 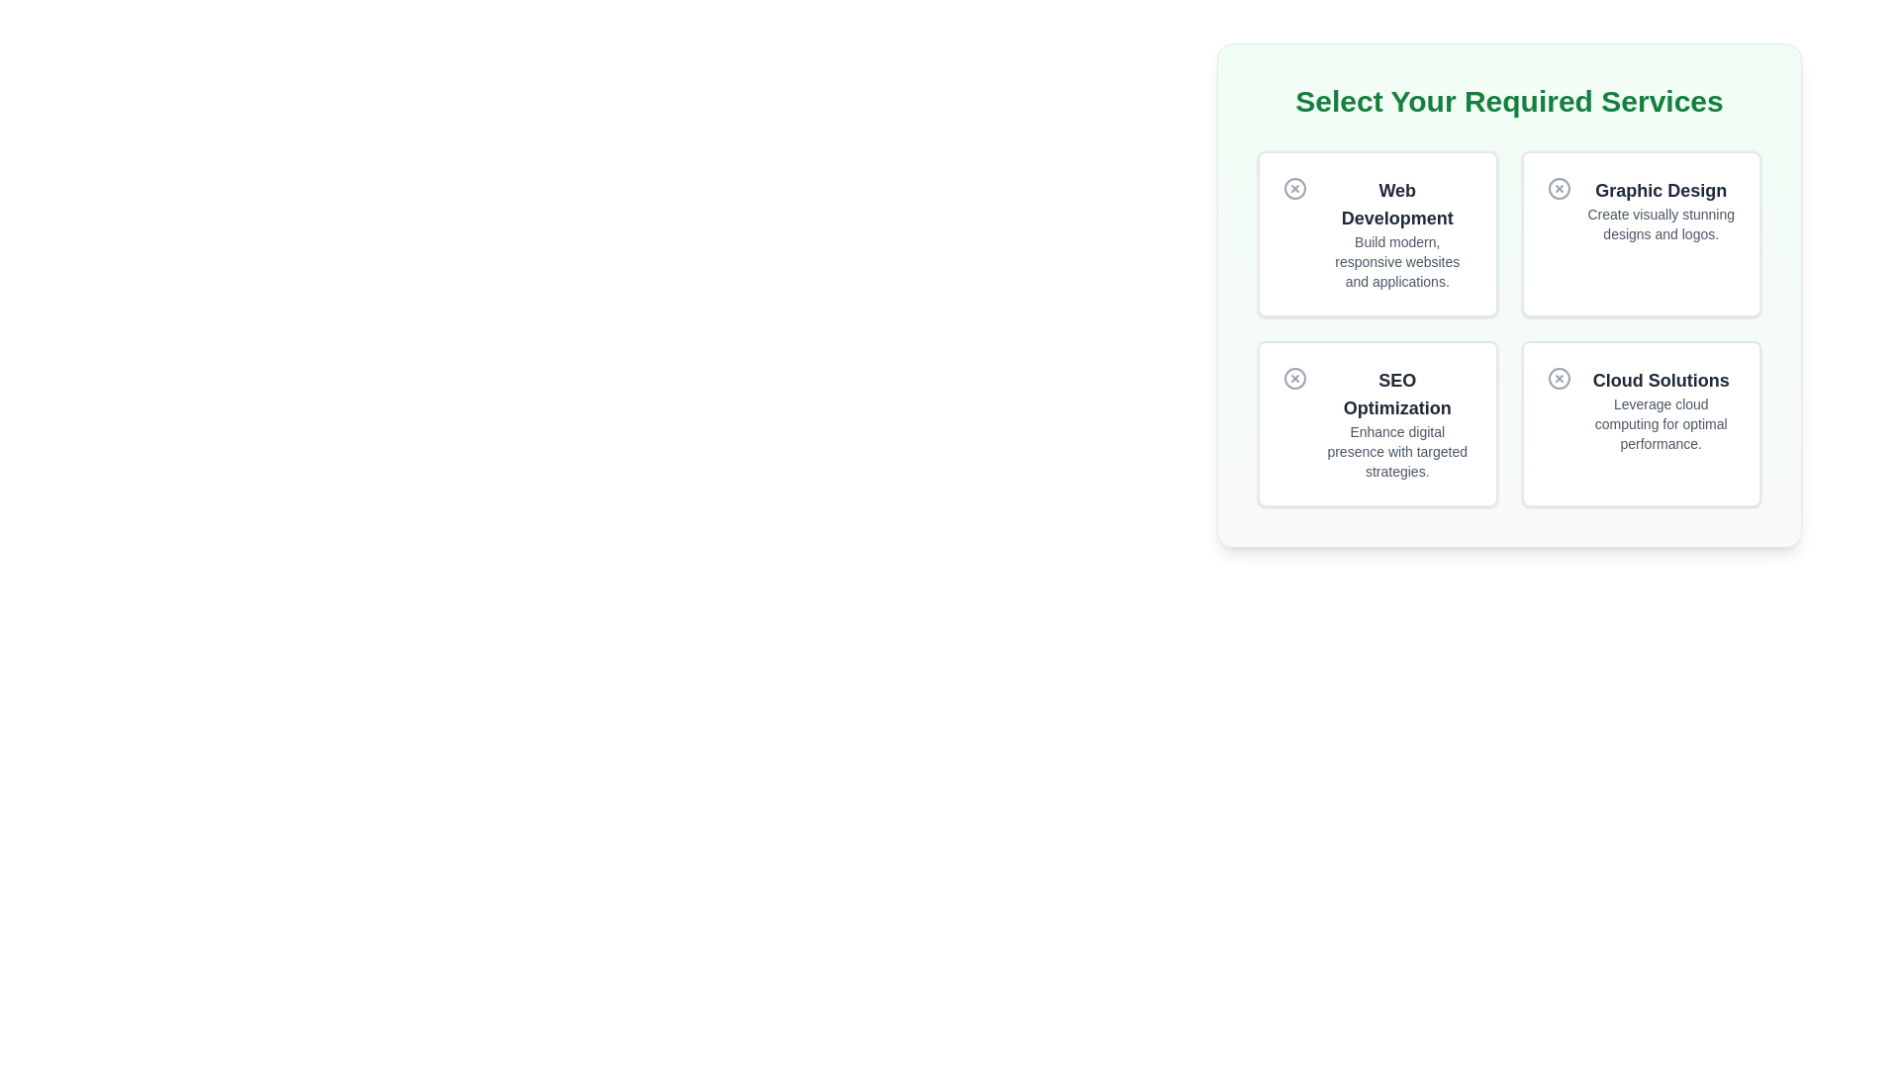 I want to click on the dismiss IconButton located in the upper-right of the 'Graphic Design' card to observe the scaling effect, so click(x=1558, y=189).